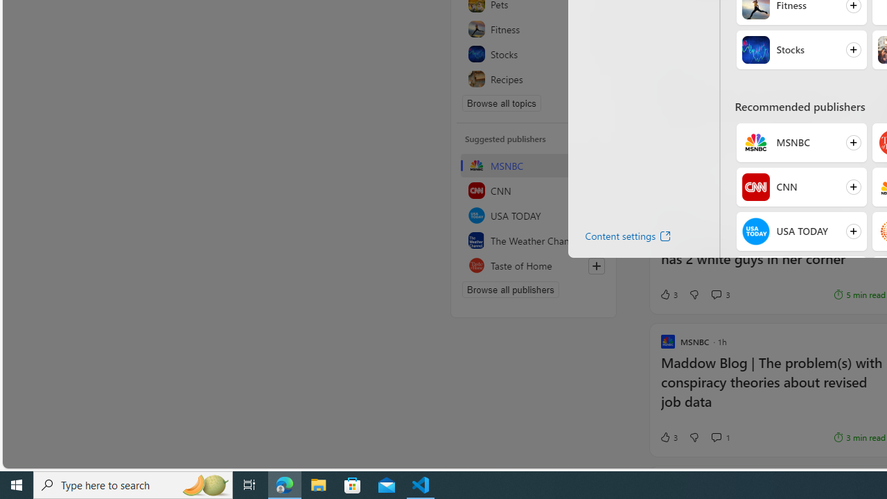  Describe the element at coordinates (755, 231) in the screenshot. I see `'USA TODAY'` at that location.